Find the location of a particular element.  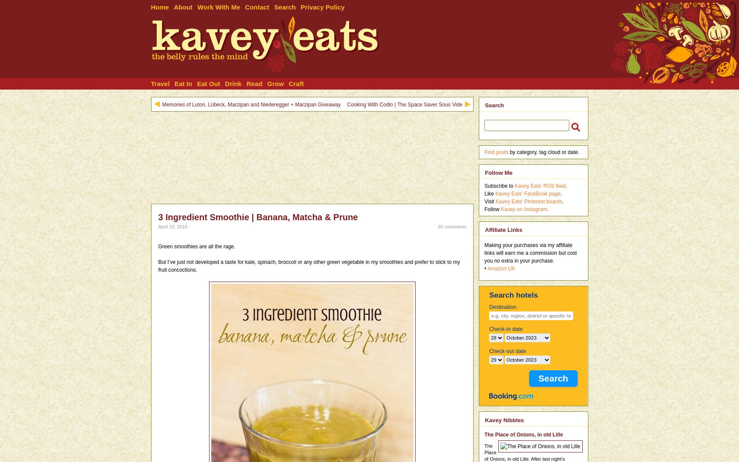

'by category, tag cloud or date.' is located at coordinates (543, 151).